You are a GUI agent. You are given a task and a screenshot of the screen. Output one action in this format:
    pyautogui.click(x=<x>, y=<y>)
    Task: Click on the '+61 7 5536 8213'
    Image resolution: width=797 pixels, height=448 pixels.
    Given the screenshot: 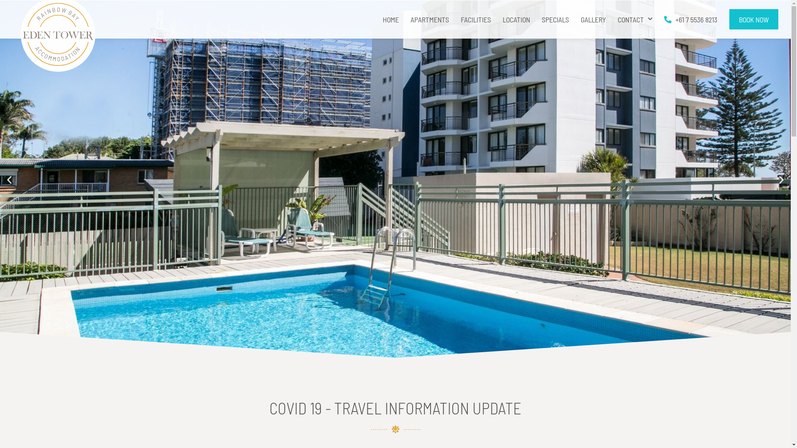 What is the action you would take?
    pyautogui.click(x=691, y=19)
    